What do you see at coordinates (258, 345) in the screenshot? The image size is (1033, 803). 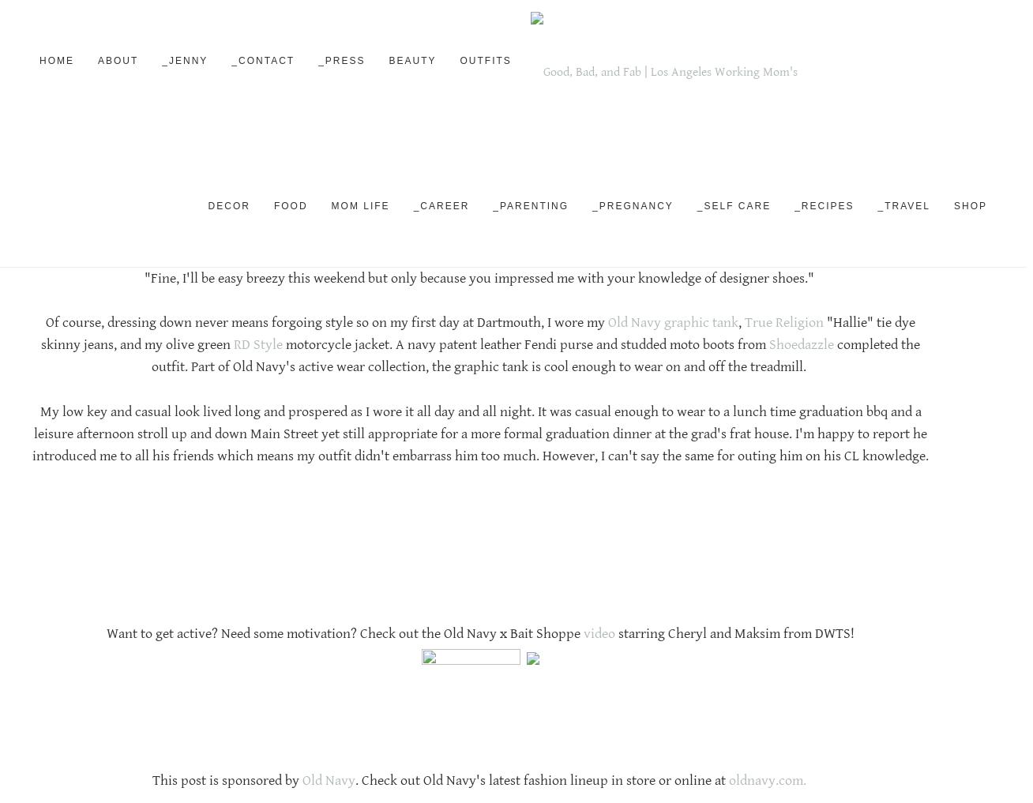 I see `'RD Style'` at bounding box center [258, 345].